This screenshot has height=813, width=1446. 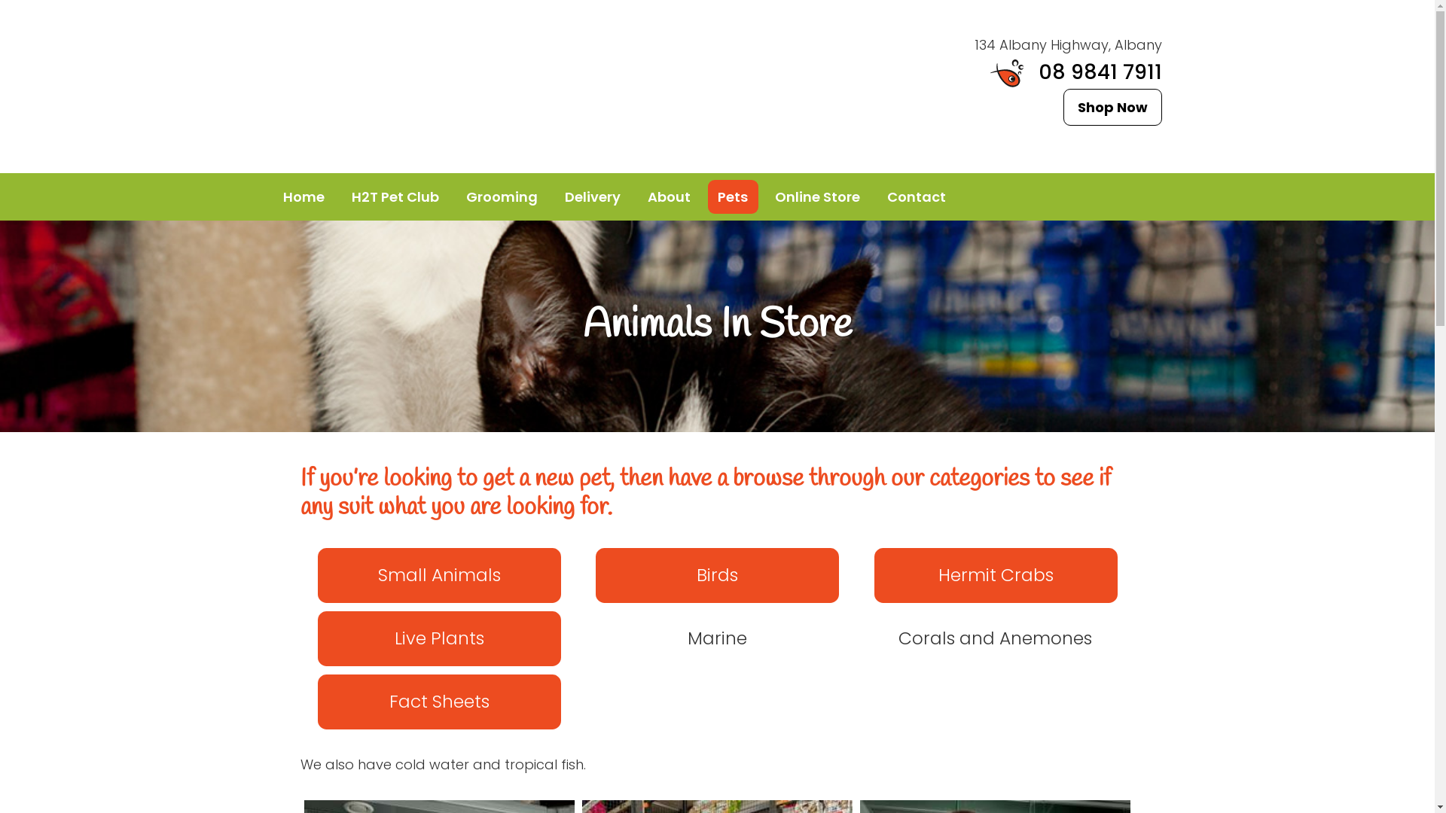 I want to click on 'Shop Now', so click(x=1062, y=106).